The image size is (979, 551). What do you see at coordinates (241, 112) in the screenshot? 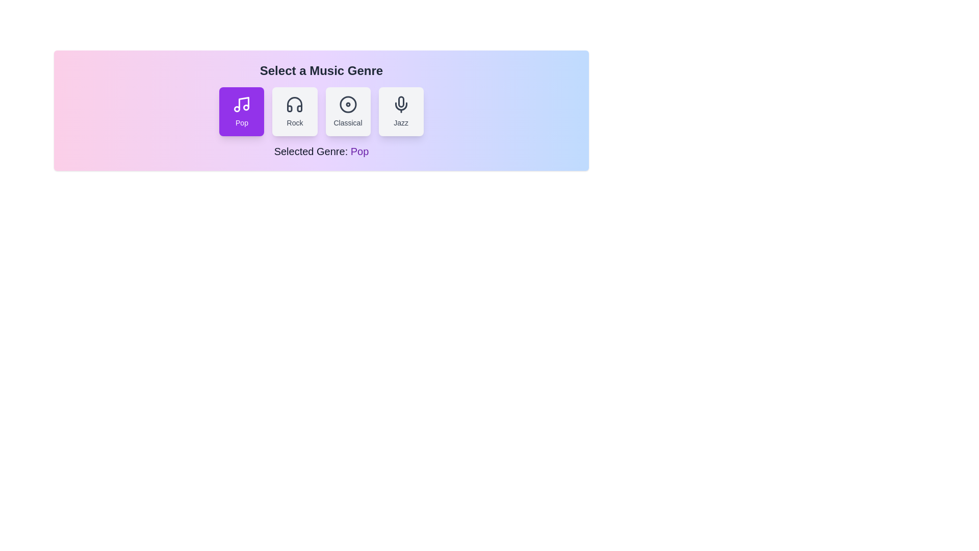
I see `the genre button labeled Pop` at bounding box center [241, 112].